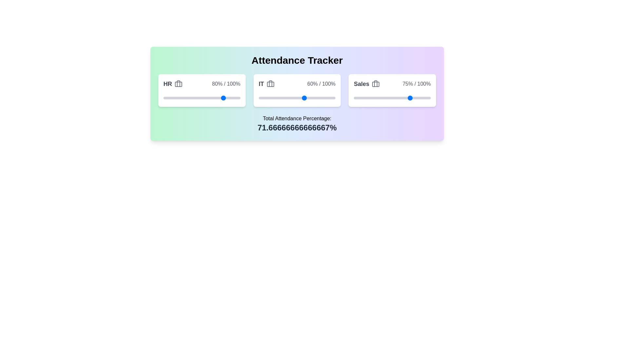 The width and height of the screenshot is (629, 353). Describe the element at coordinates (173, 84) in the screenshot. I see `the Human Resources Text and Icon Label, which is located on the leftmost side of the Attendance Tracker interface, above the progress bar and percentage indicator` at that location.